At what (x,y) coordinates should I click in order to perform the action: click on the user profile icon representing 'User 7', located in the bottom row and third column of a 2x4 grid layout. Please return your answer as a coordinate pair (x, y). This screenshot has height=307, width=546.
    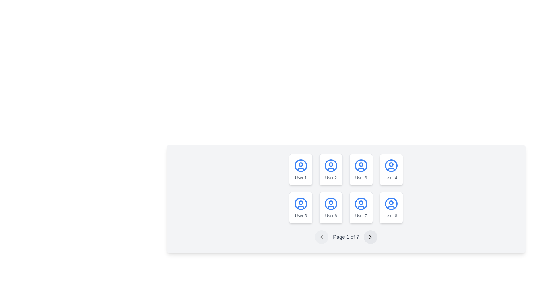
    Looking at the image, I should click on (361, 204).